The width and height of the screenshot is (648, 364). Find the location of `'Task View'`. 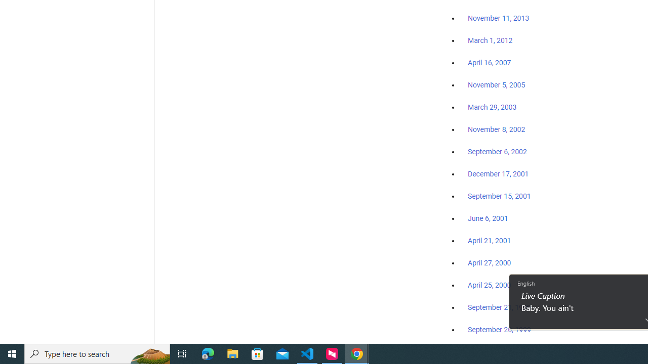

'Task View' is located at coordinates (182, 353).